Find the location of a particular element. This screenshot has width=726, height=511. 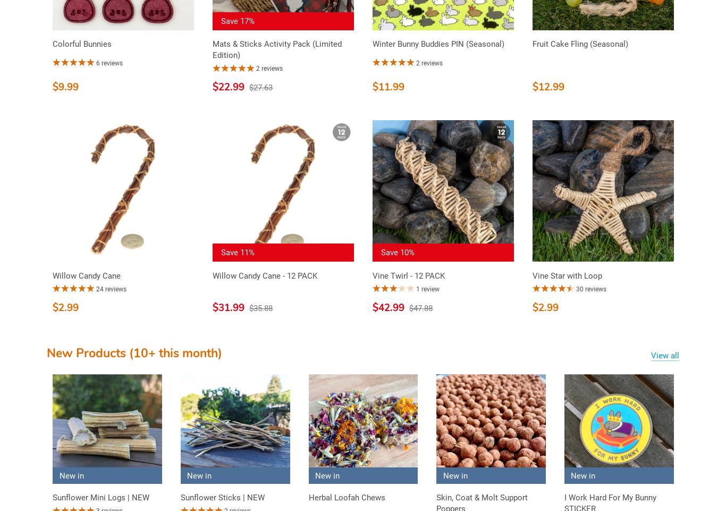

'Fruit Cake Fling (Seasonal)' is located at coordinates (532, 44).